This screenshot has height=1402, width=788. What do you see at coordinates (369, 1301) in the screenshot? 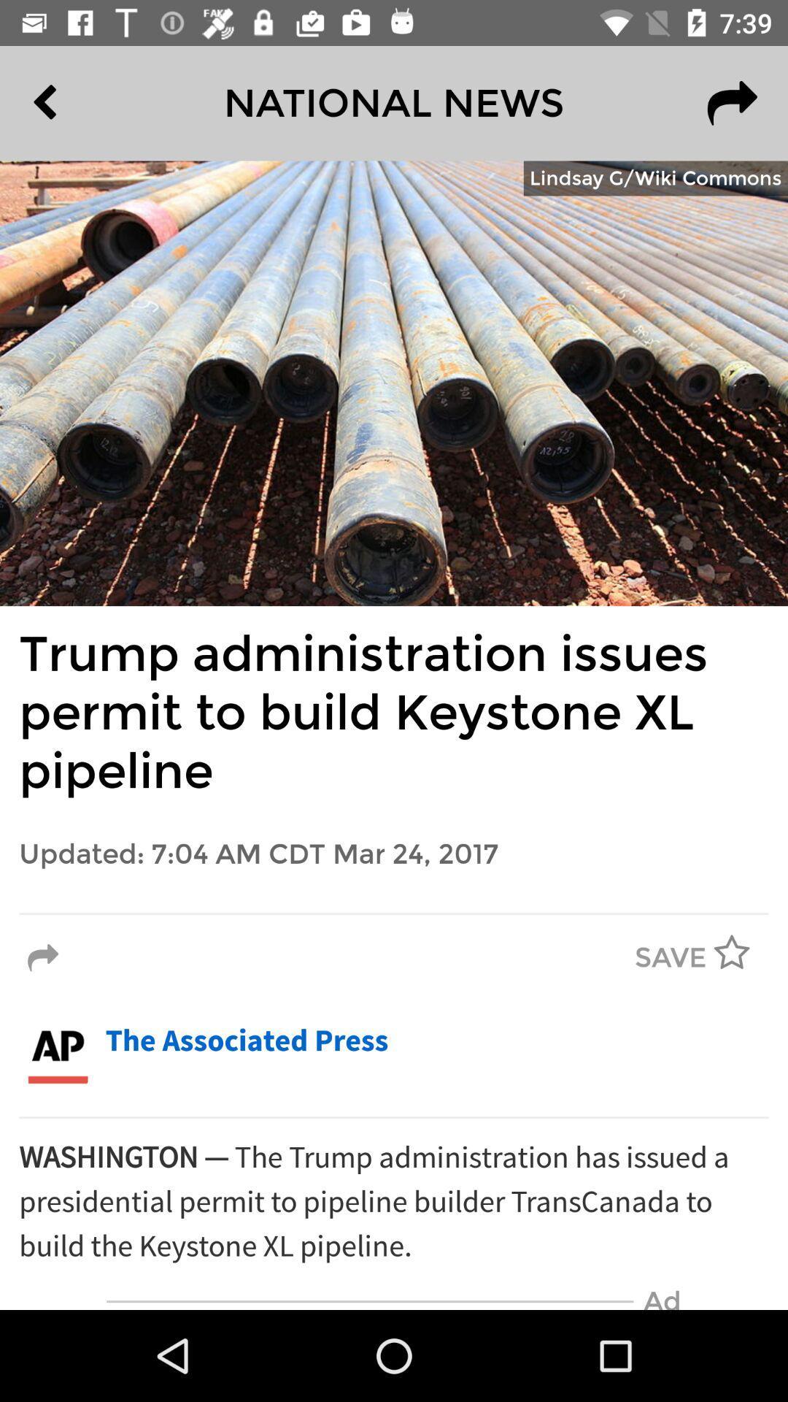
I see `the icon to the left of the ad icon` at bounding box center [369, 1301].